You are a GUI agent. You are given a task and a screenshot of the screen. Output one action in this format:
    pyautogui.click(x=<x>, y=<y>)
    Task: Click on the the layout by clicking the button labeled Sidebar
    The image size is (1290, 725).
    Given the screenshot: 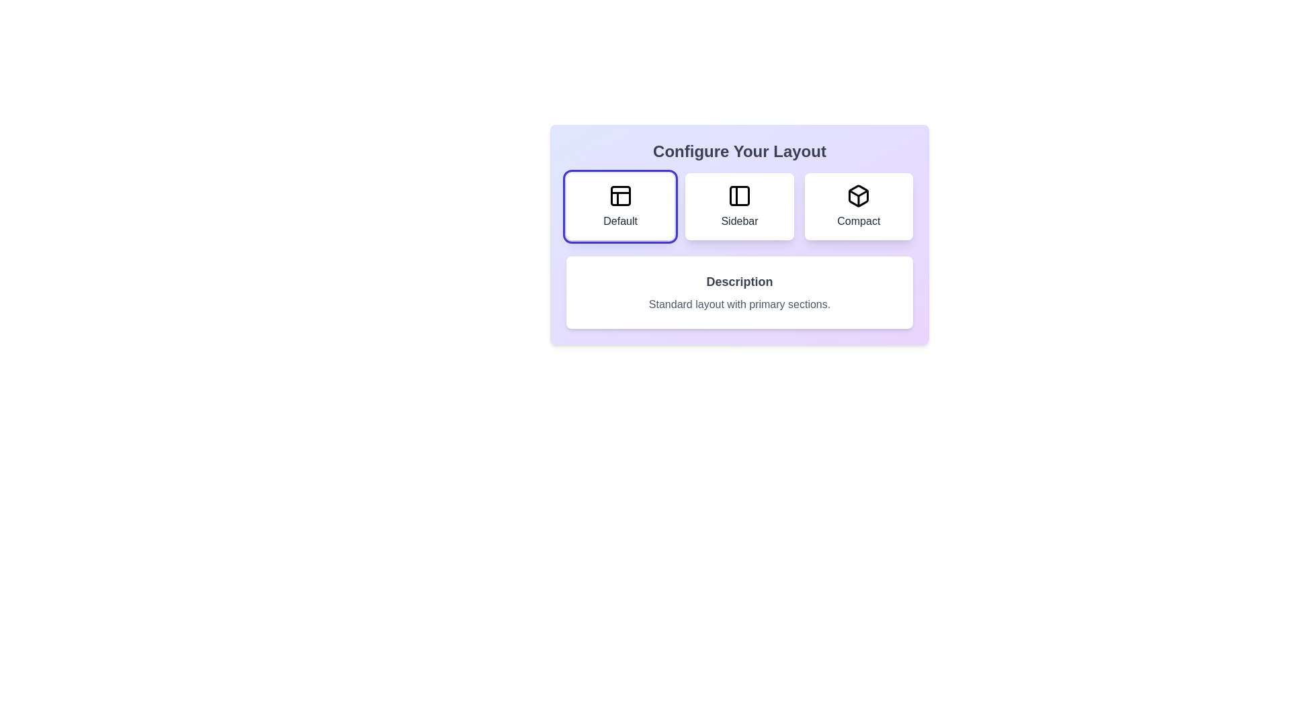 What is the action you would take?
    pyautogui.click(x=738, y=207)
    